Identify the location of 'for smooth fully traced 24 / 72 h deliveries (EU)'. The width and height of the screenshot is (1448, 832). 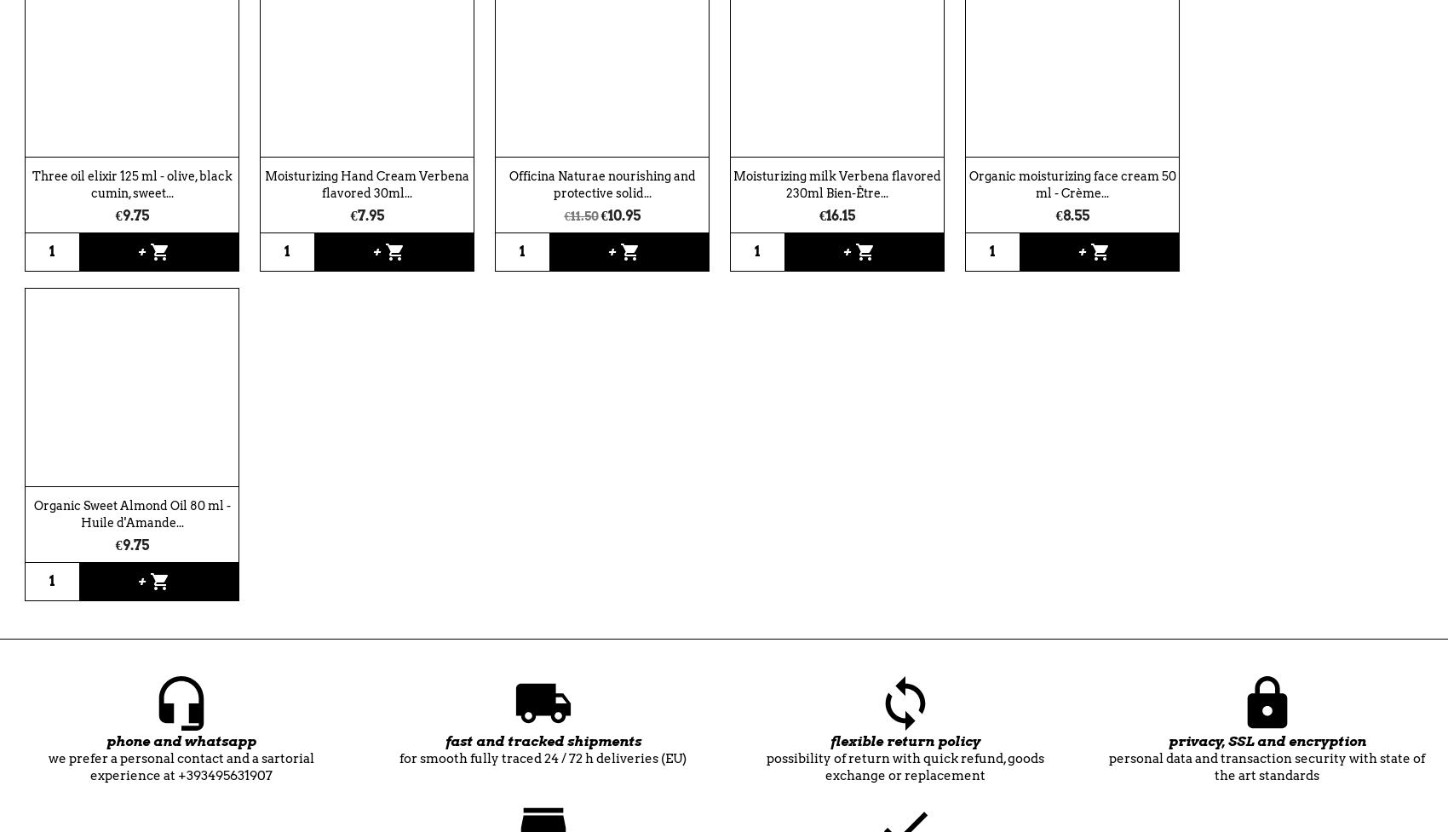
(542, 757).